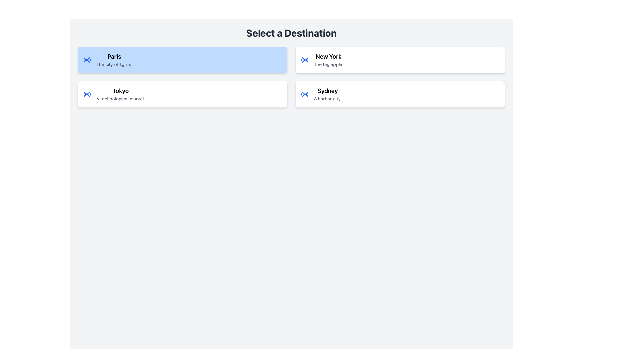 The width and height of the screenshot is (622, 350). I want to click on the 'Sydney' selectable card located in the bottom-right position of a 2x2 grid of cards, so click(399, 94).